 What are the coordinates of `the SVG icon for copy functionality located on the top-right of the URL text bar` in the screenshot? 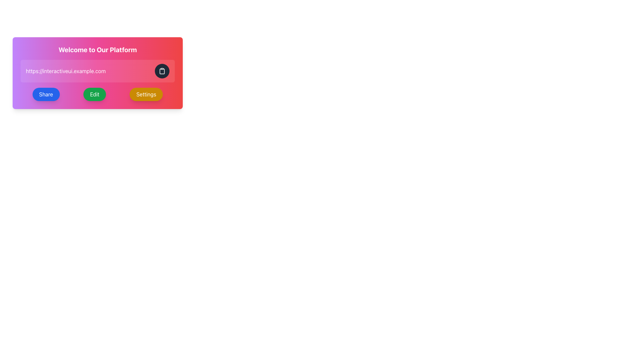 It's located at (162, 71).